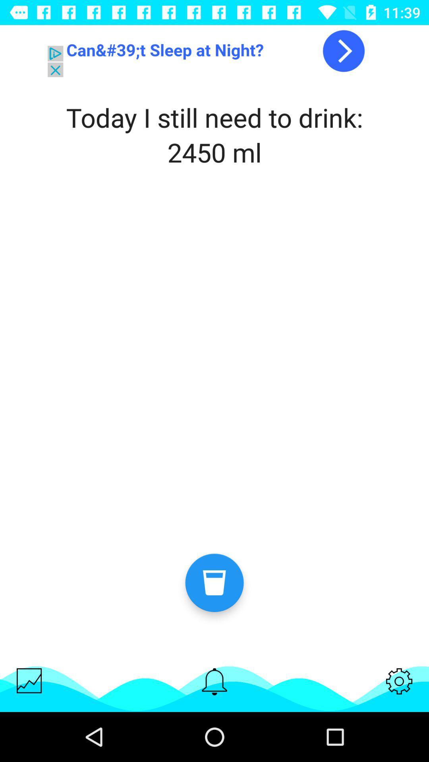  Describe the element at coordinates (29, 680) in the screenshot. I see `charts` at that location.